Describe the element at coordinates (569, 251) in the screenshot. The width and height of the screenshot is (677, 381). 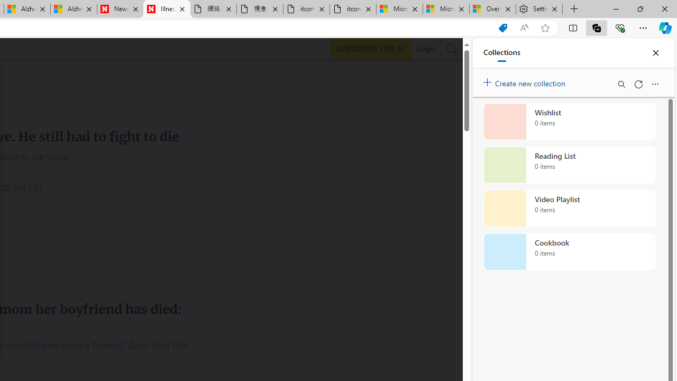
I see `'Cookbook collection, 0 items'` at that location.